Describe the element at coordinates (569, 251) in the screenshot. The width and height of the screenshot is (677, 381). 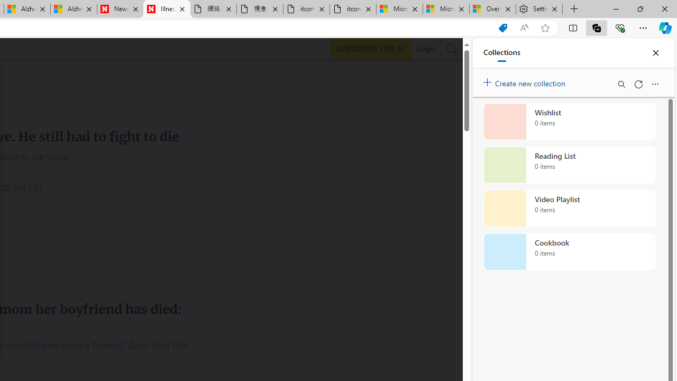
I see `'Cookbook collection, 0 items'` at that location.